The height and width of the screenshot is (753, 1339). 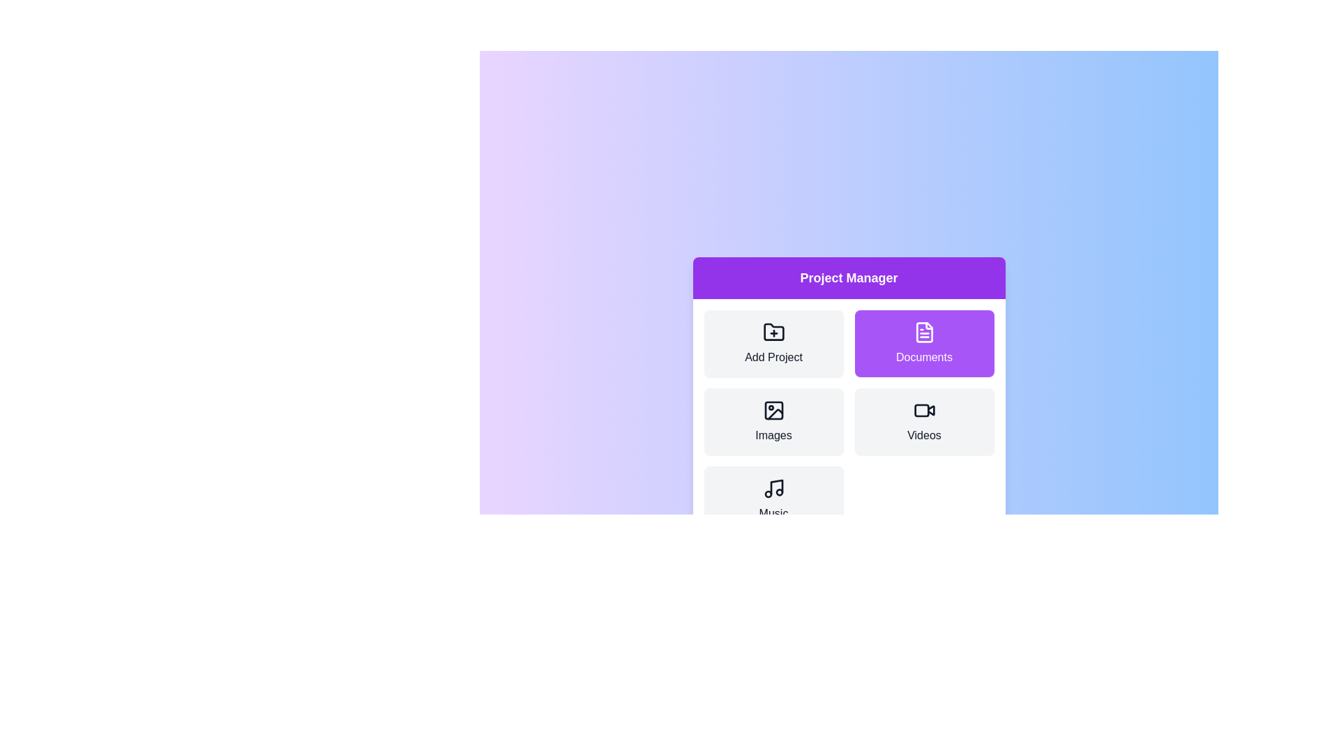 What do you see at coordinates (924, 421) in the screenshot?
I see `the category labeled Videos to select it` at bounding box center [924, 421].